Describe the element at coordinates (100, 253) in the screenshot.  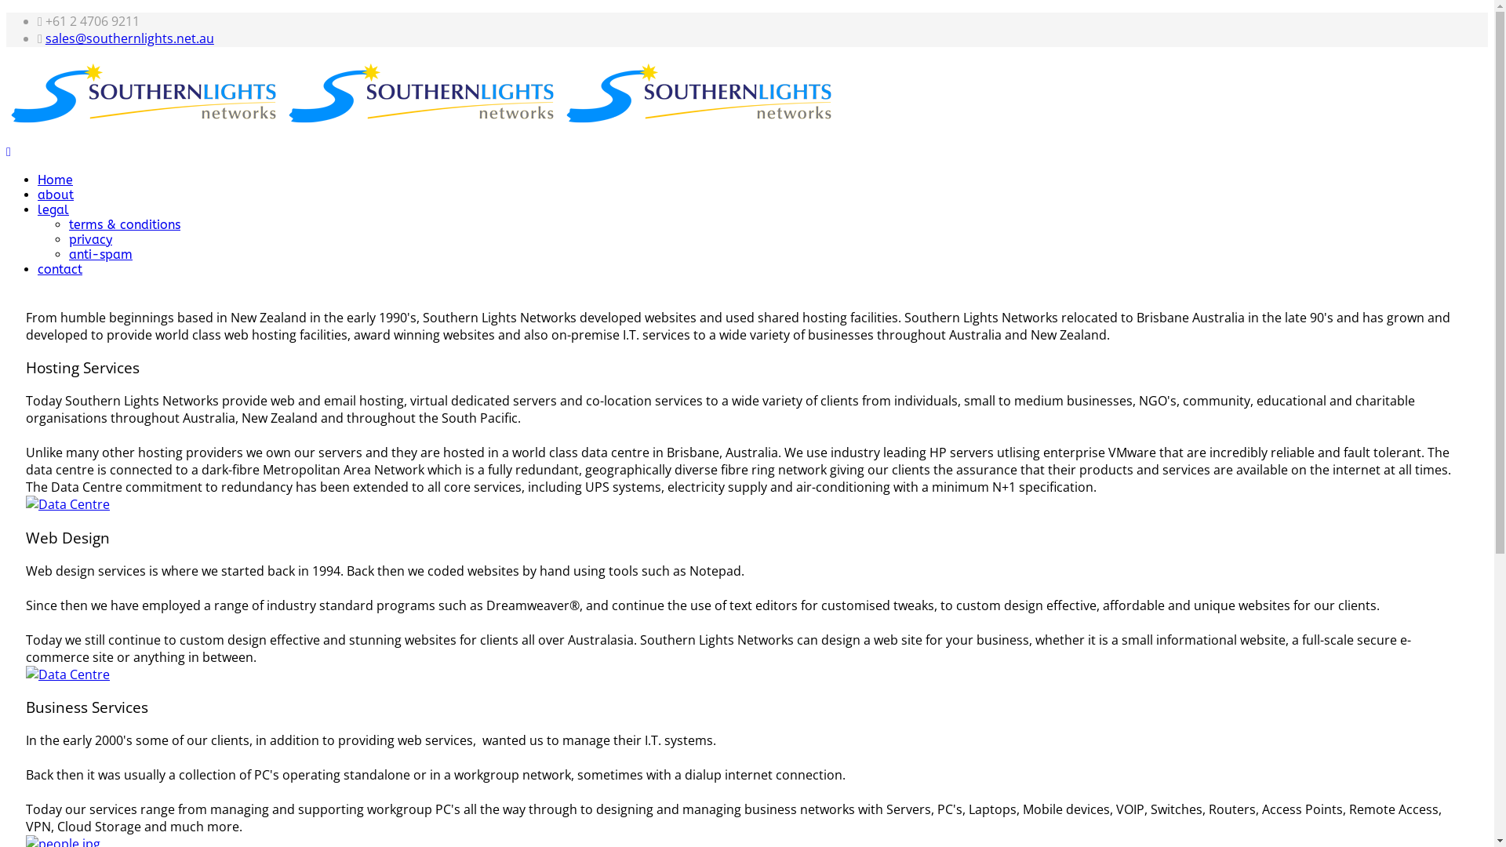
I see `'anti-spam'` at that location.